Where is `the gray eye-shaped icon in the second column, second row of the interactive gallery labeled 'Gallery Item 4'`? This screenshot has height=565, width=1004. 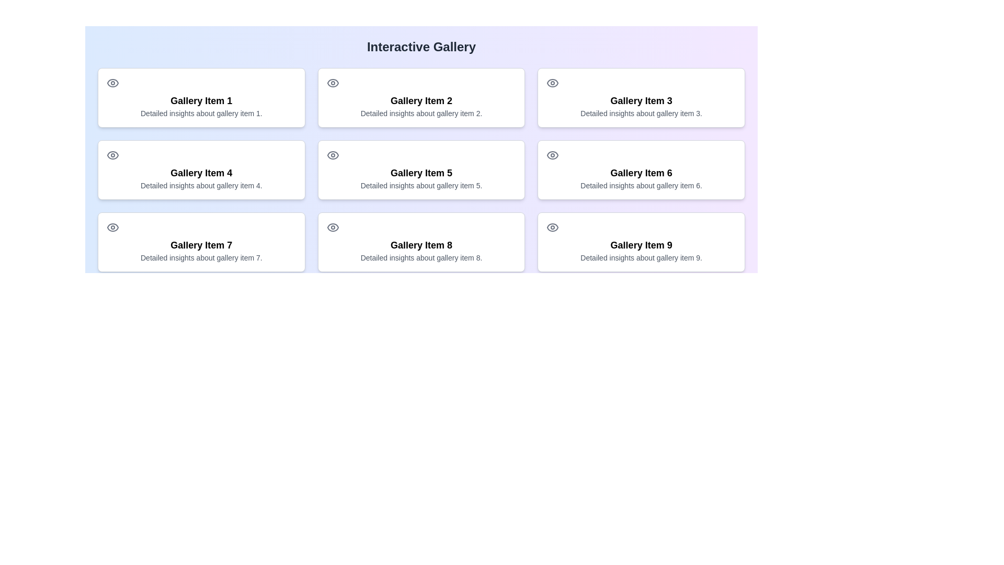 the gray eye-shaped icon in the second column, second row of the interactive gallery labeled 'Gallery Item 4' is located at coordinates (113, 155).